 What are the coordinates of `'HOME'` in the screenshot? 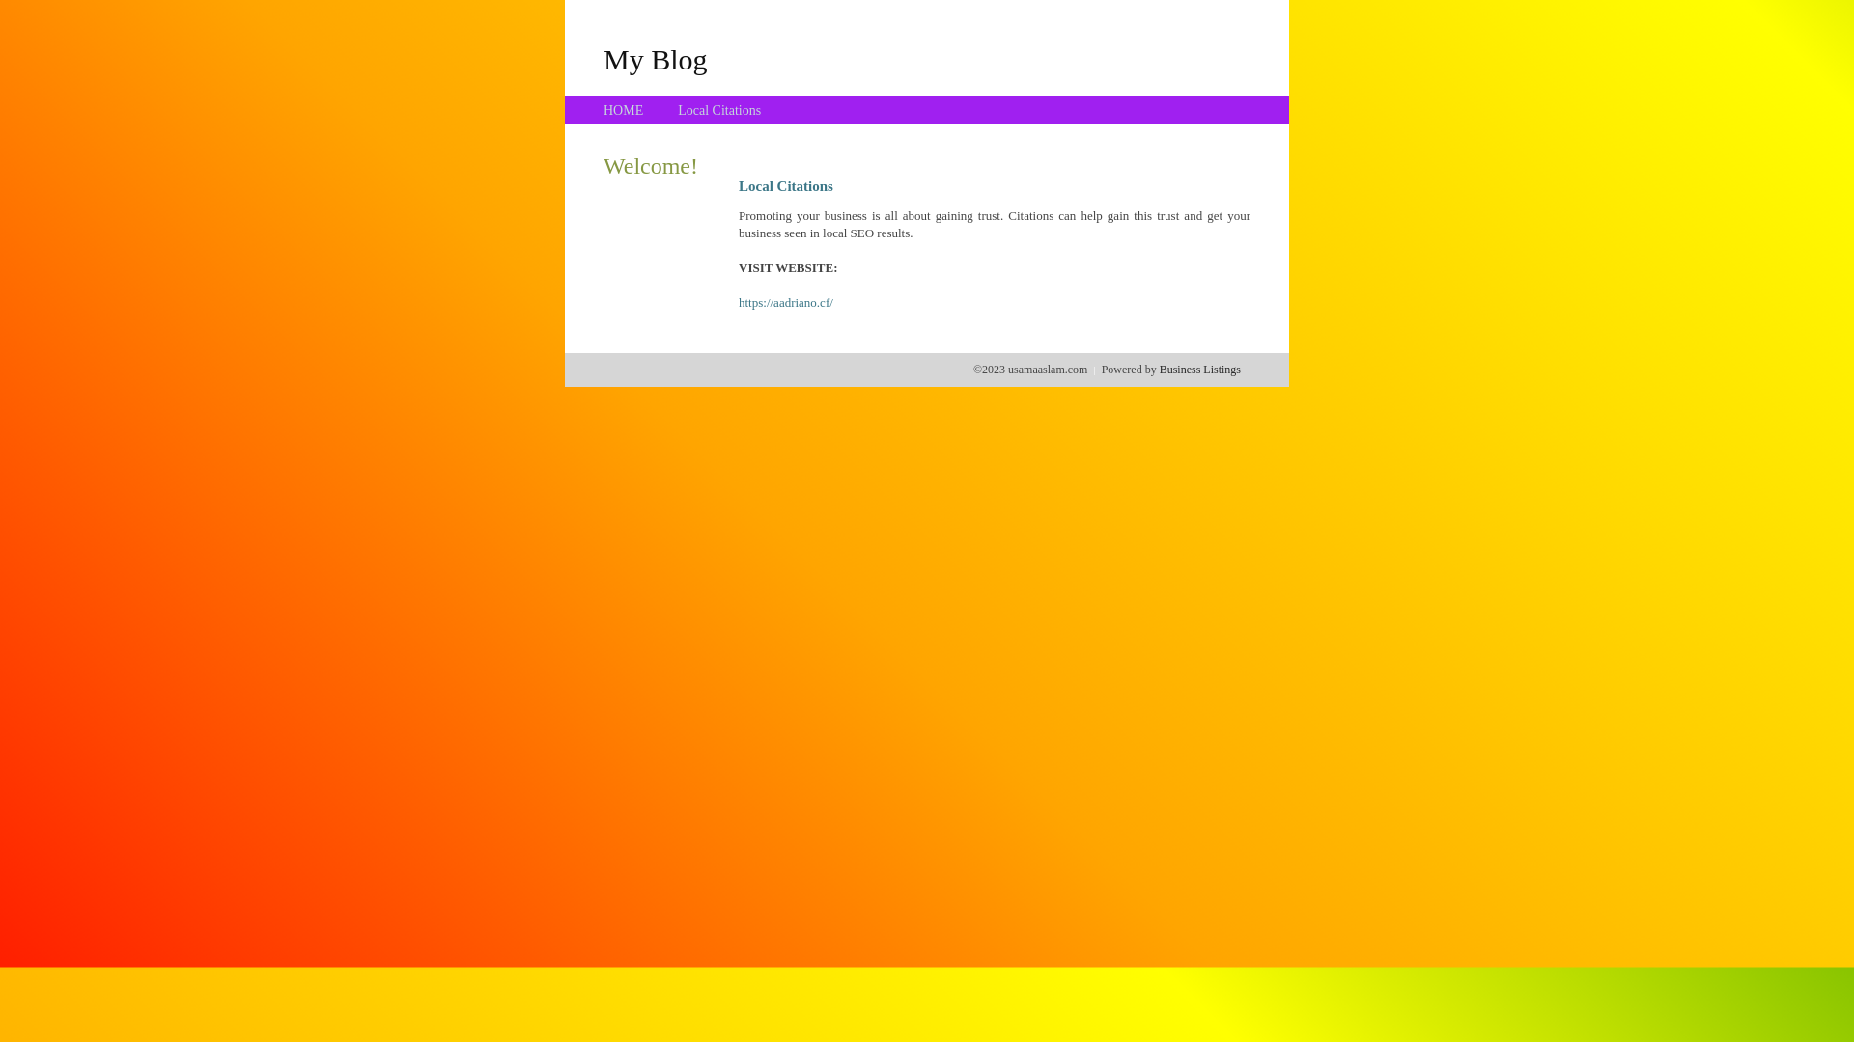 It's located at (623, 110).